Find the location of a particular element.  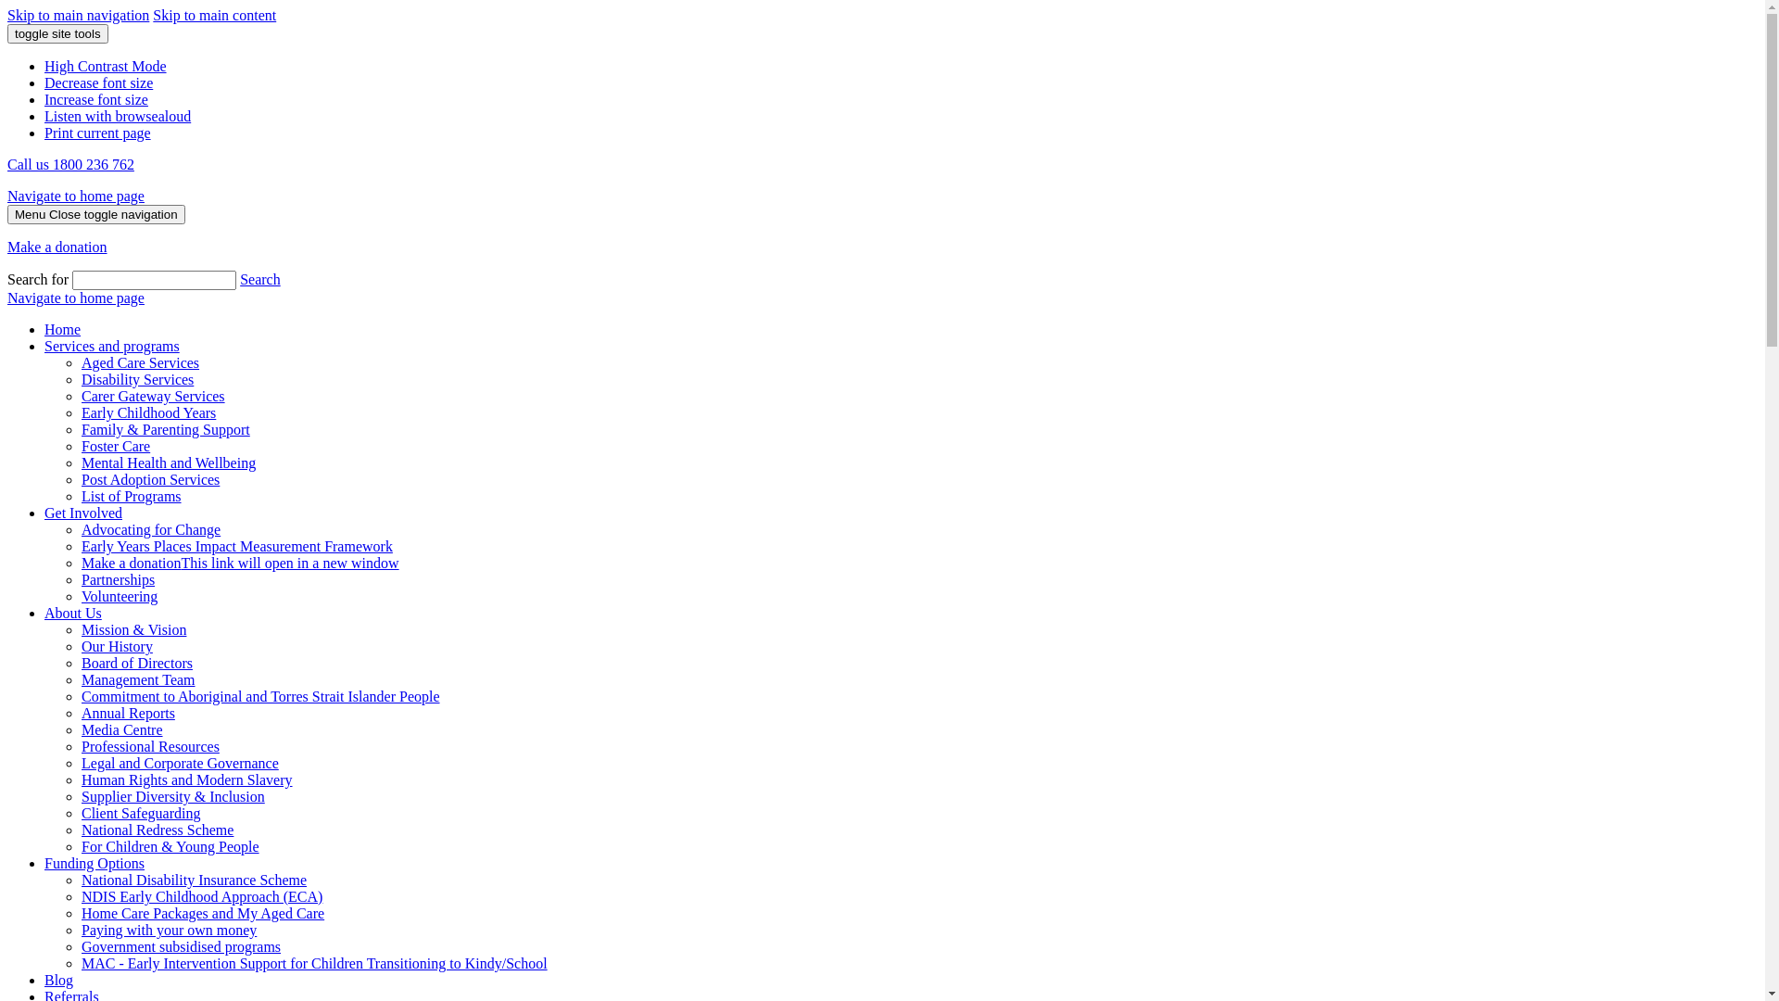

'Government subsidised programs' is located at coordinates (181, 946).